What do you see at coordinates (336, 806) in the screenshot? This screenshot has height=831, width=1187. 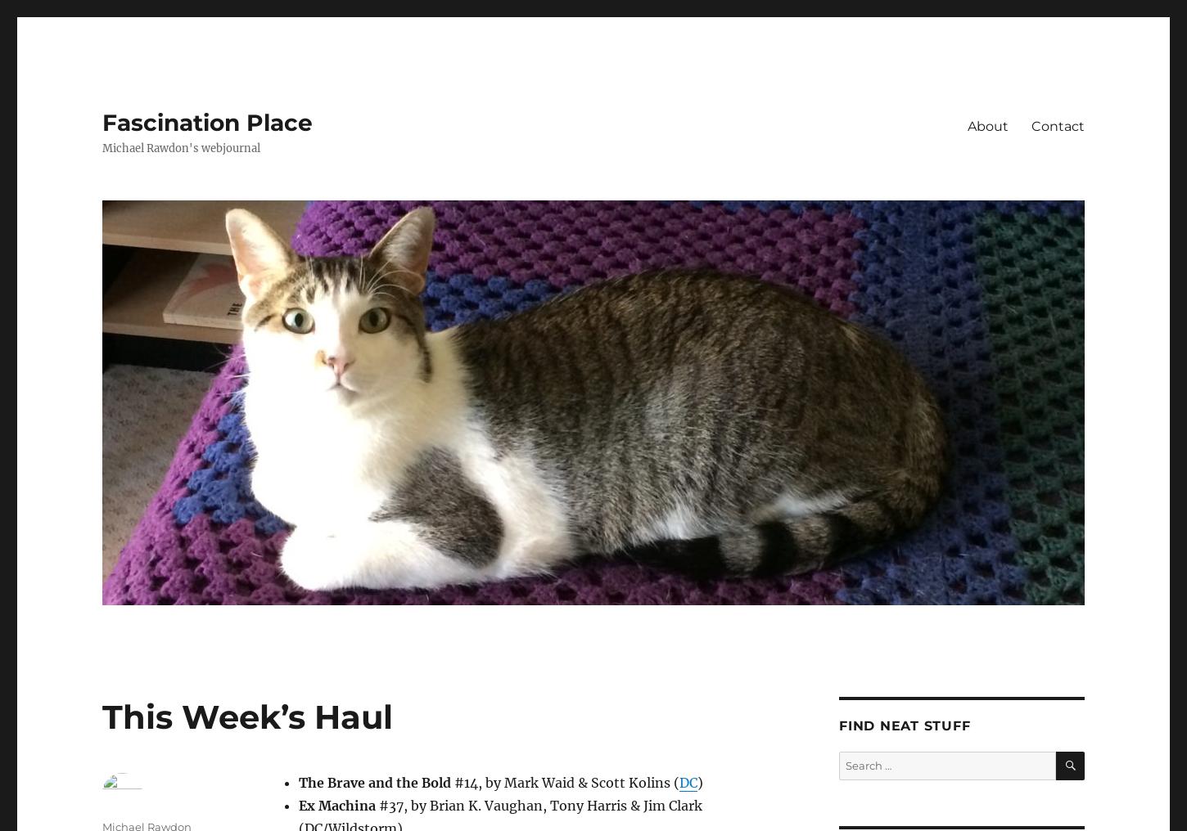 I see `'Ex Machina'` at bounding box center [336, 806].